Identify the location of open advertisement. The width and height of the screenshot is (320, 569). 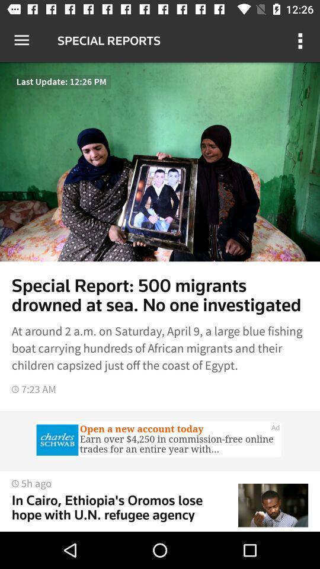
(160, 440).